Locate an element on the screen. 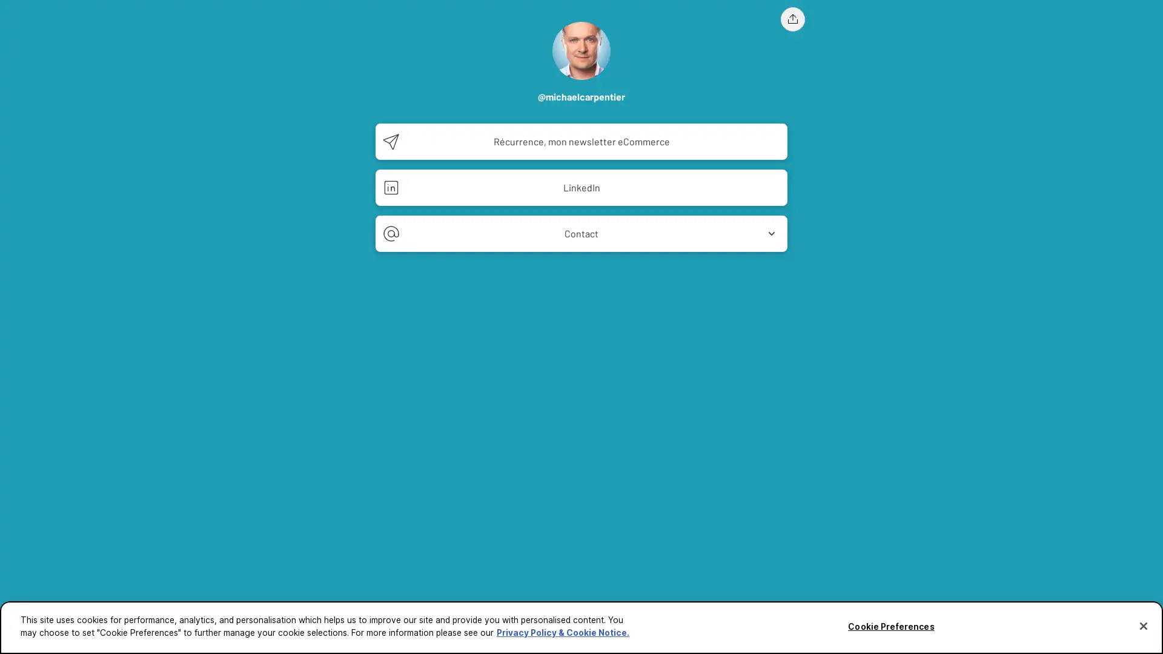  Cookie Preferences is located at coordinates (32, 636).